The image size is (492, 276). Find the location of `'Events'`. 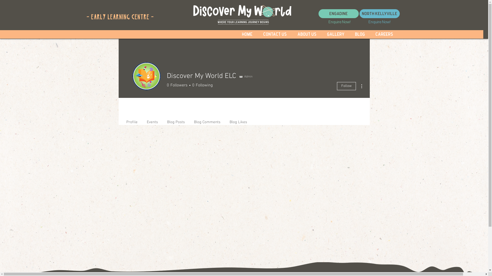

'Events' is located at coordinates (152, 120).